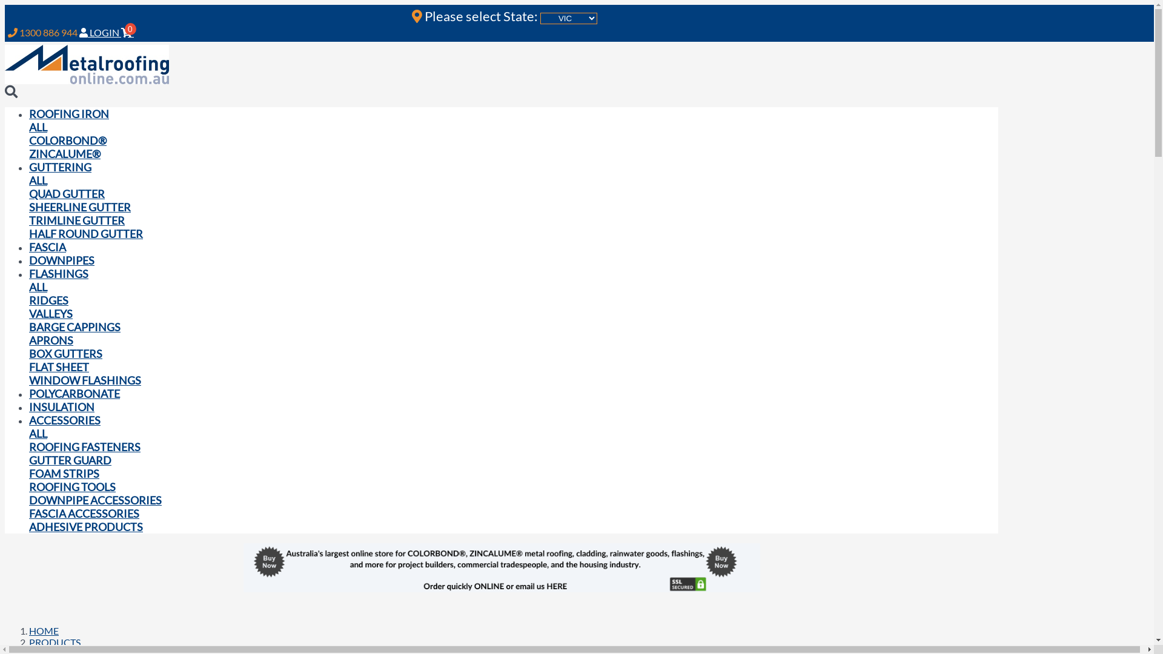  Describe the element at coordinates (78, 31) in the screenshot. I see `'LOGIN'` at that location.